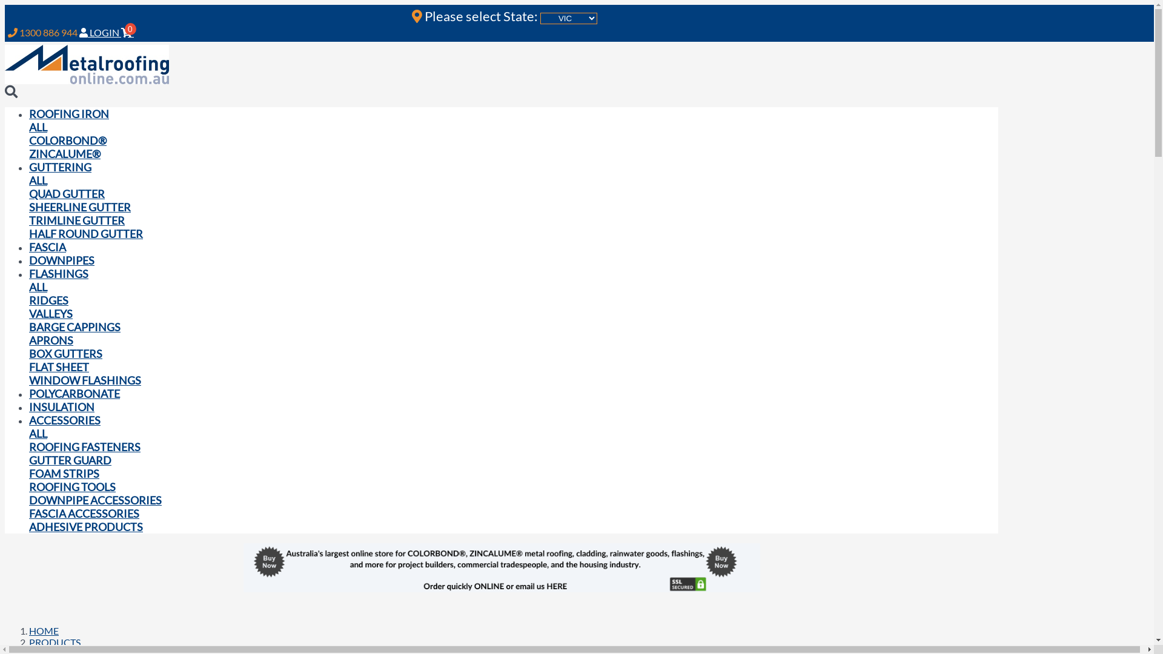  Describe the element at coordinates (78, 31) in the screenshot. I see `'LOGIN'` at that location.